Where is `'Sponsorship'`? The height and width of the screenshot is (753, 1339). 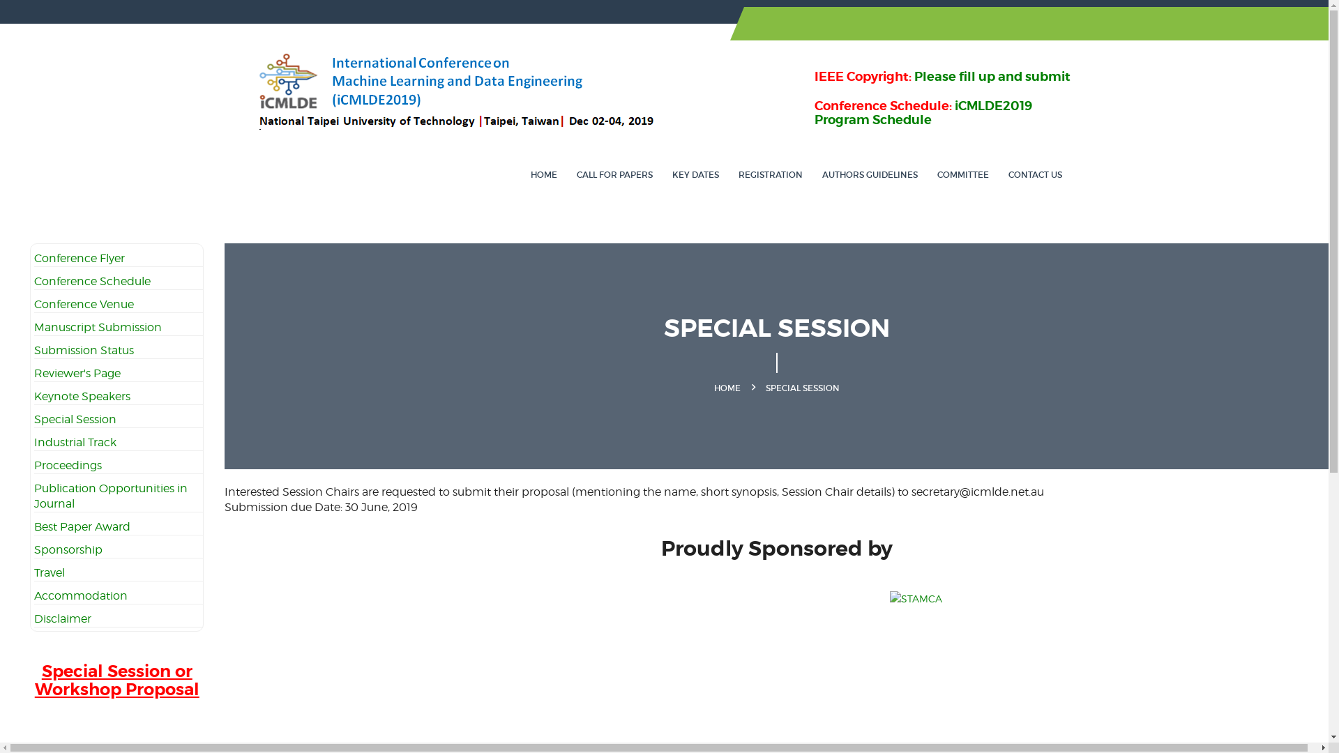
'Sponsorship' is located at coordinates (67, 549).